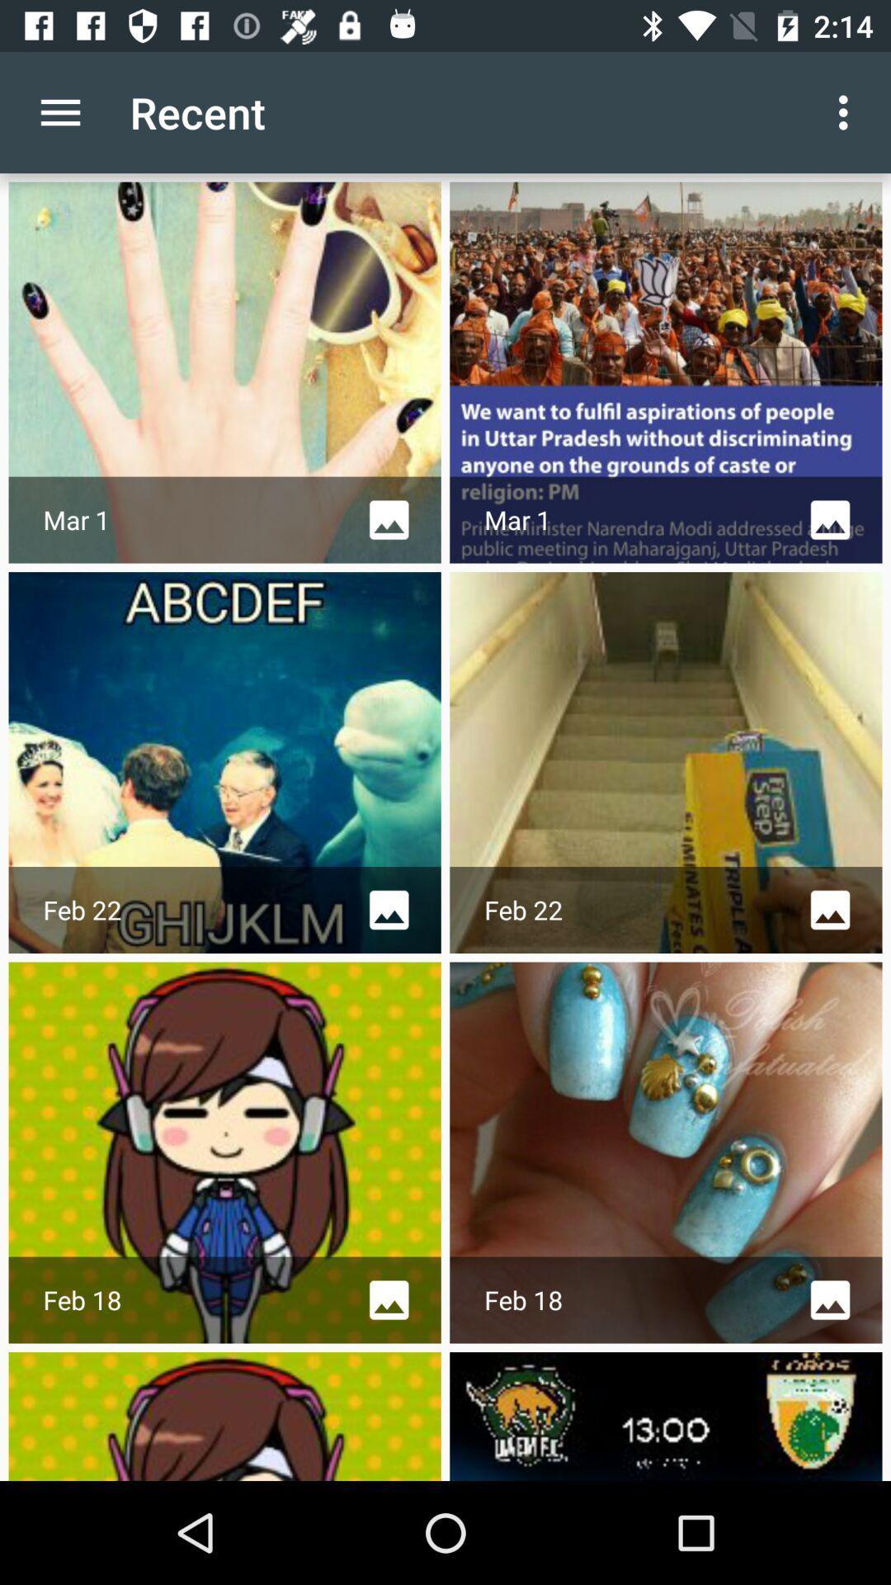 This screenshot has width=891, height=1585. Describe the element at coordinates (59, 111) in the screenshot. I see `the icon next to the recent item` at that location.